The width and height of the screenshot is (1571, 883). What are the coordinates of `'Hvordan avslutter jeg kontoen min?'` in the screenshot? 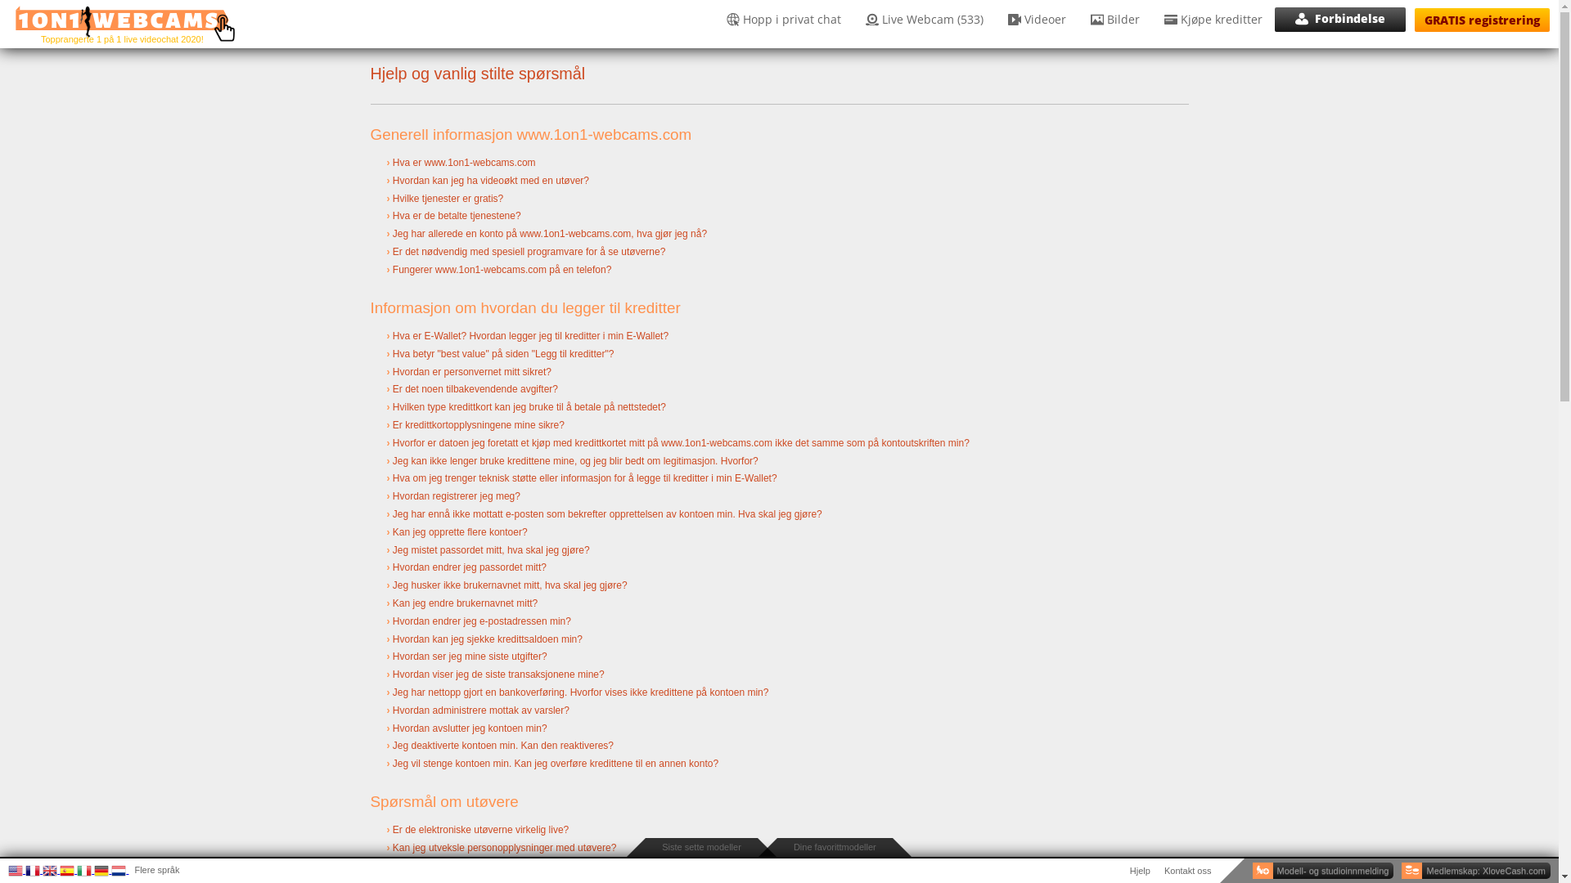 It's located at (469, 728).